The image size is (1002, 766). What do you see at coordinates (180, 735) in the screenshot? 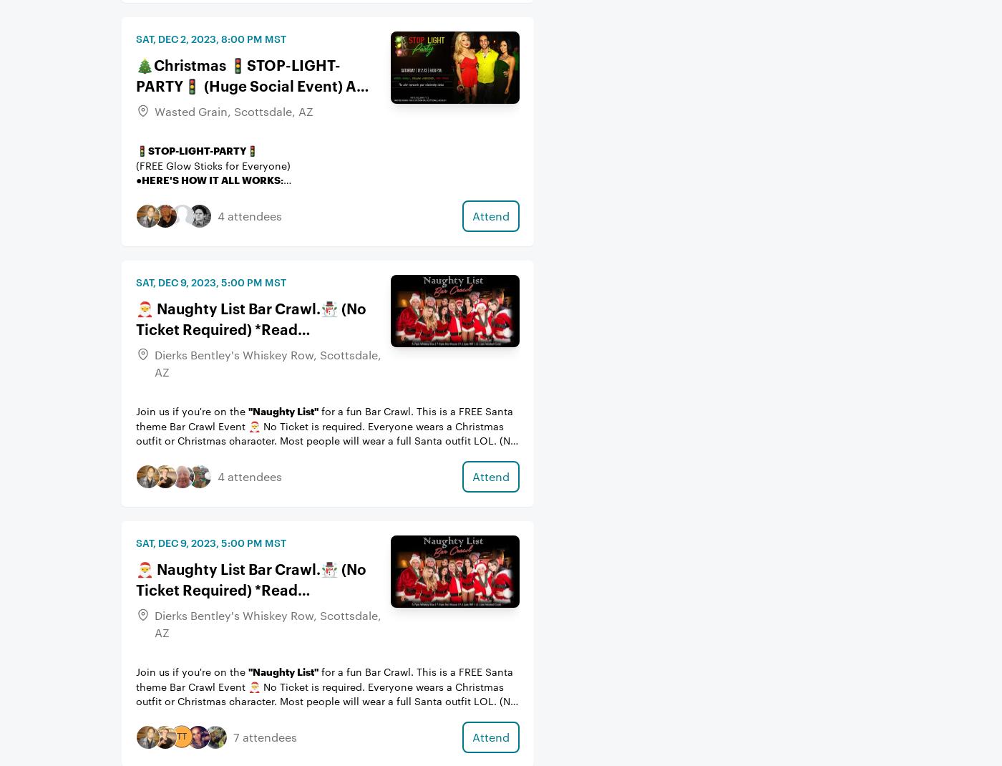
I see `'TT'` at bounding box center [180, 735].